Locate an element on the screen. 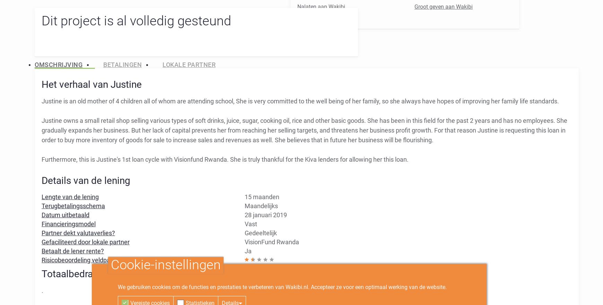  'Justine is an old mother of 4 children all of whom are attending school, She is very committed to the well being of her family, so she always have hopes of improving her family life standards.' is located at coordinates (300, 101).